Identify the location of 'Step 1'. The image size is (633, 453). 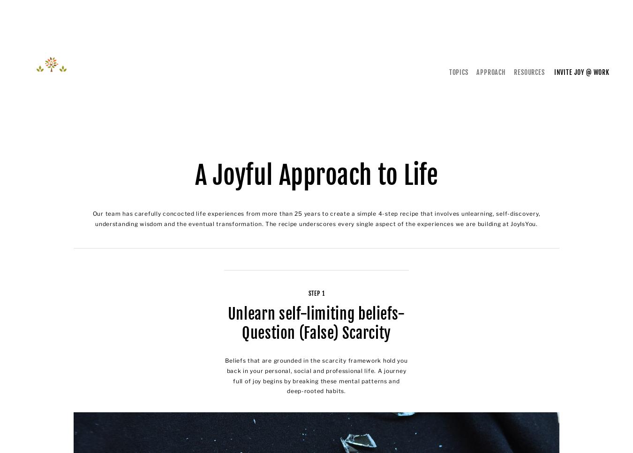
(316, 292).